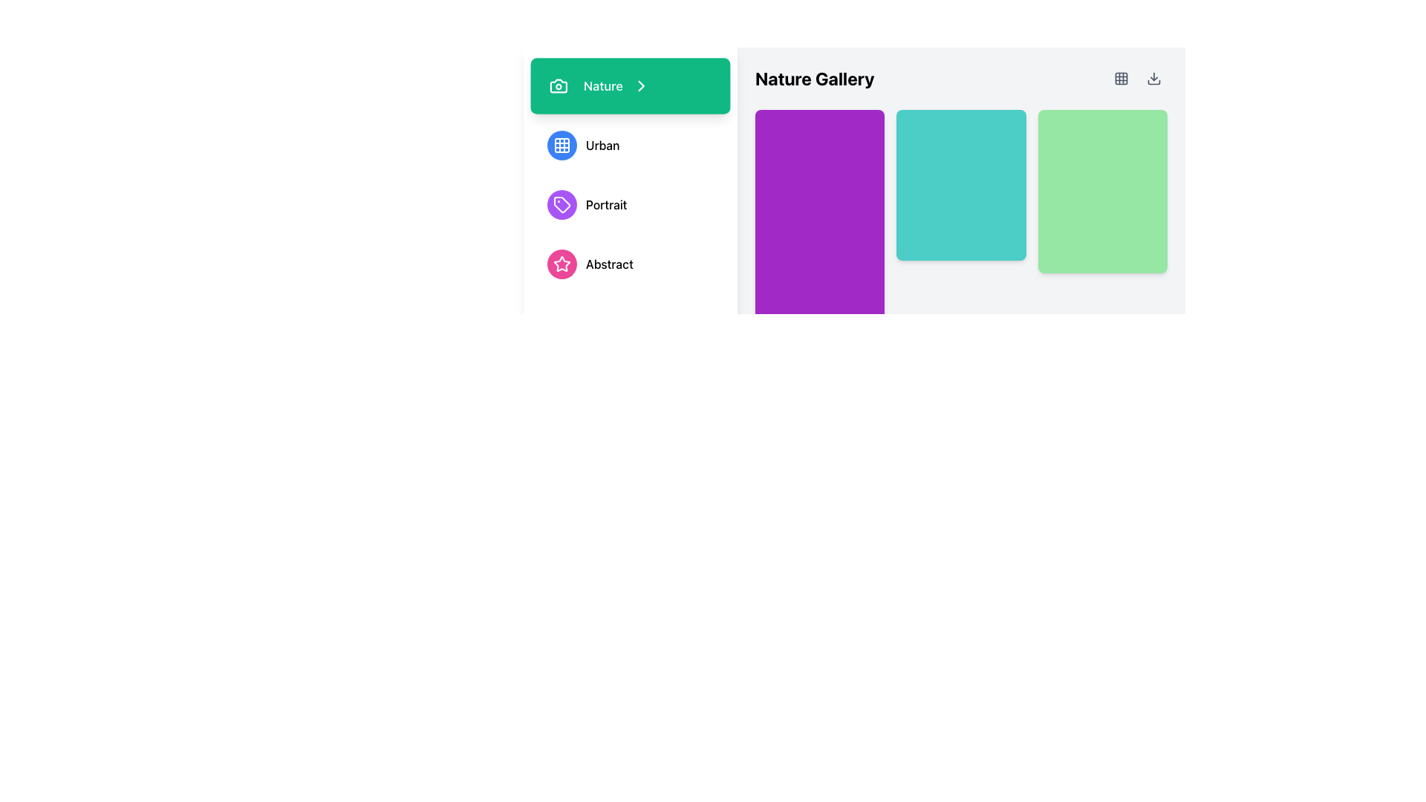  What do you see at coordinates (561, 263) in the screenshot?
I see `the pink star icon button located at the bottom of the sidebar` at bounding box center [561, 263].